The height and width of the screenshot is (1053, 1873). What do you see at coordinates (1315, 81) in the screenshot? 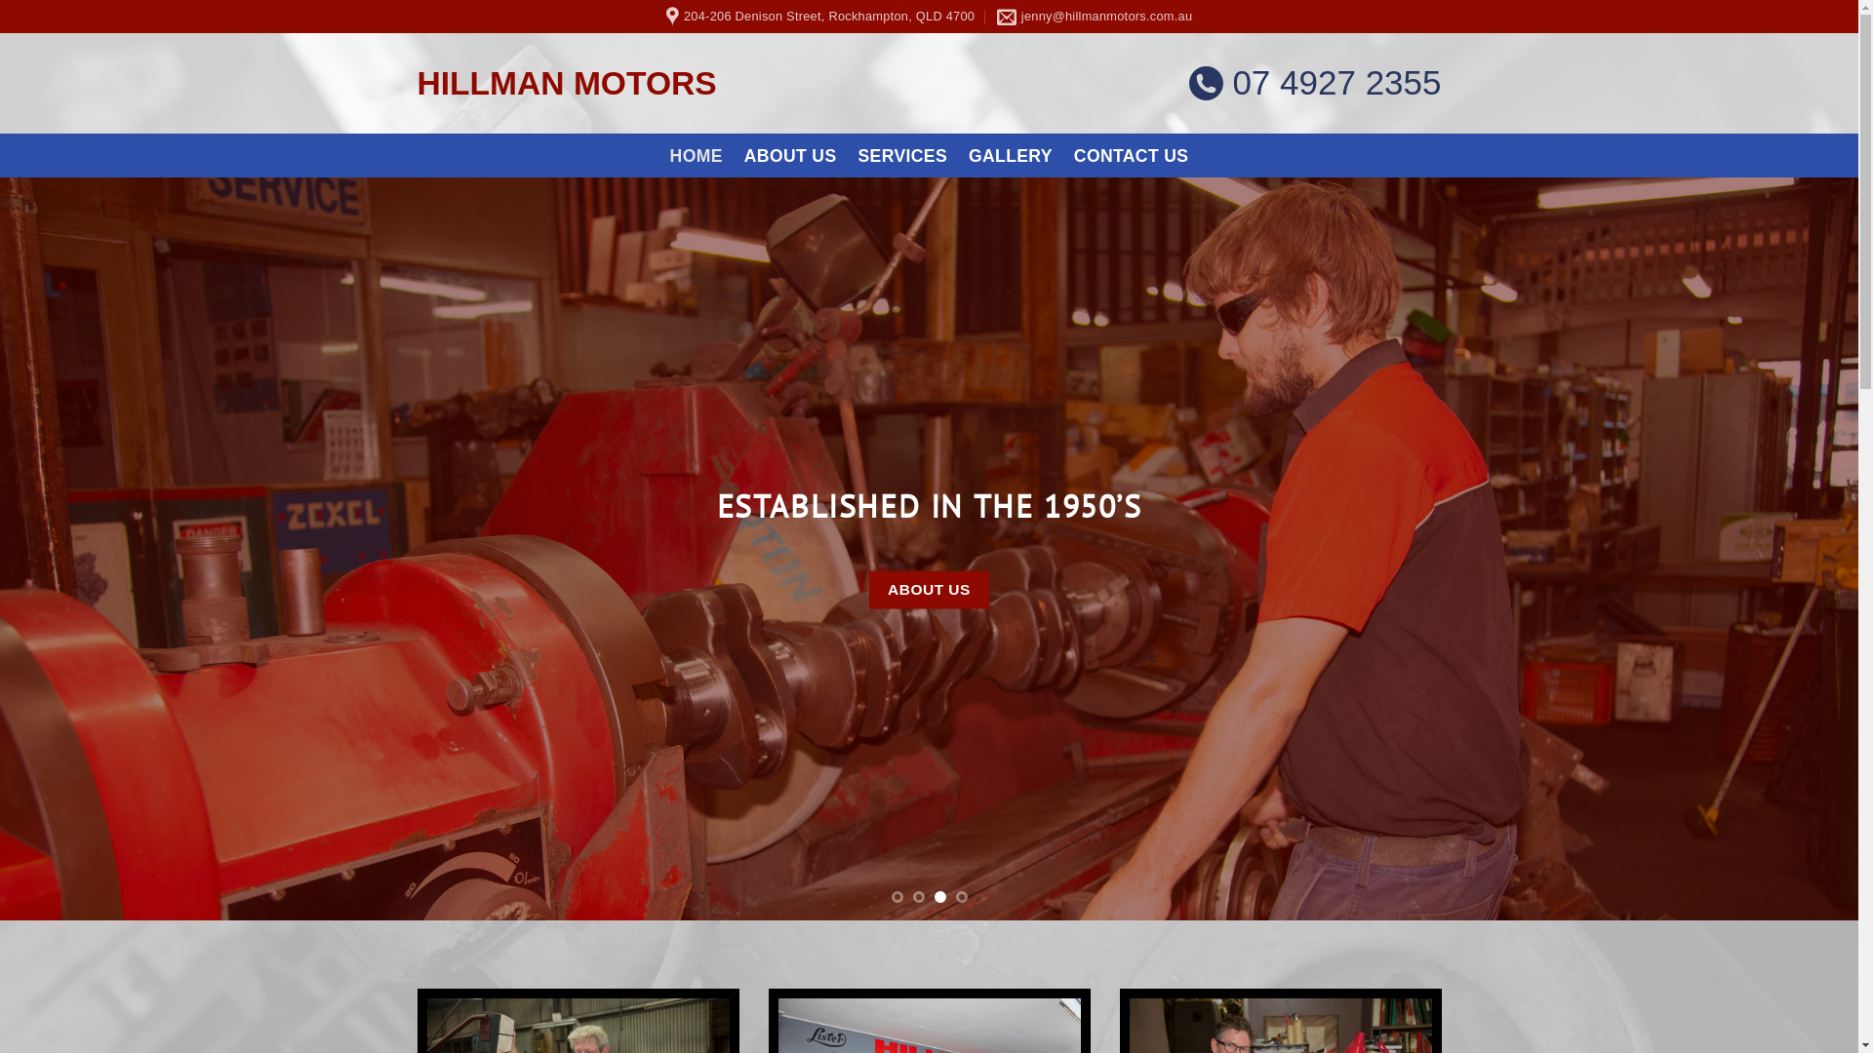
I see `'07 4927 2355'` at bounding box center [1315, 81].